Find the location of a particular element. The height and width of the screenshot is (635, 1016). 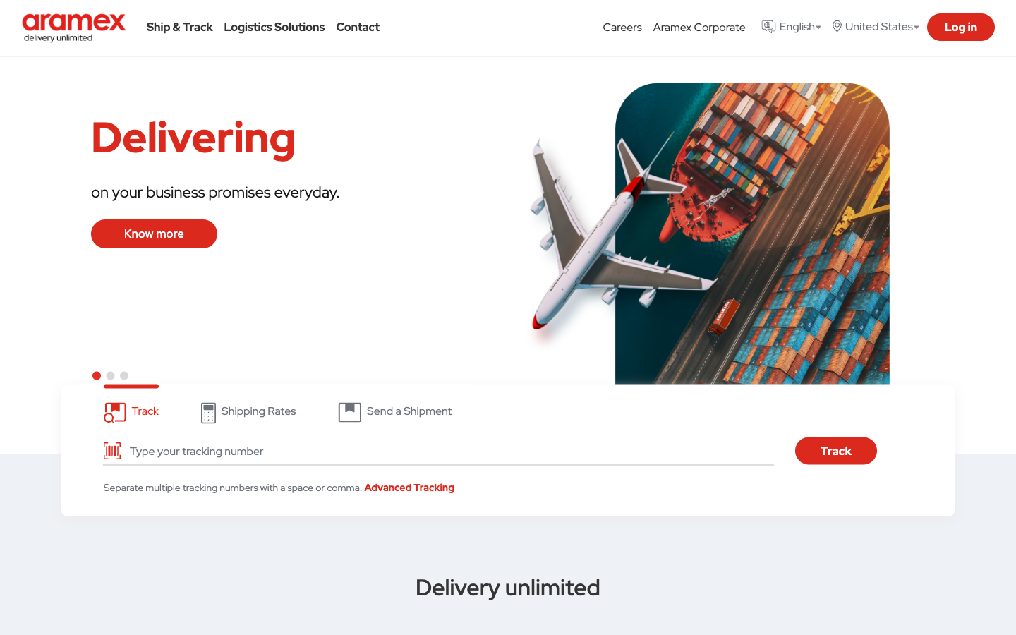

Use the tracking number 123456 to locate a shipment is located at coordinates (447, 451).